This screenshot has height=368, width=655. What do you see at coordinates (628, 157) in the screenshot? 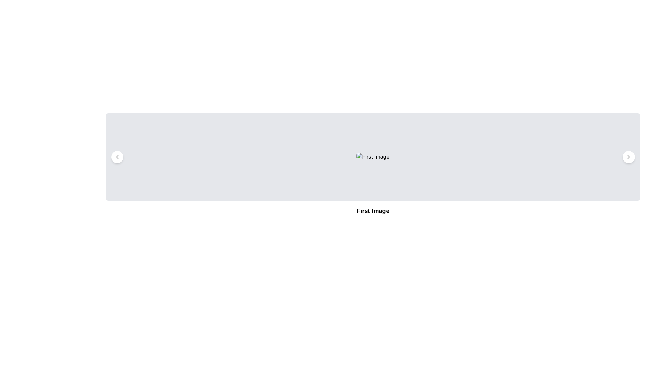
I see `the rightward-pointing chevron icon, which has a black outline and is set against a circular white background, located at the far right of the central grey panel` at bounding box center [628, 157].